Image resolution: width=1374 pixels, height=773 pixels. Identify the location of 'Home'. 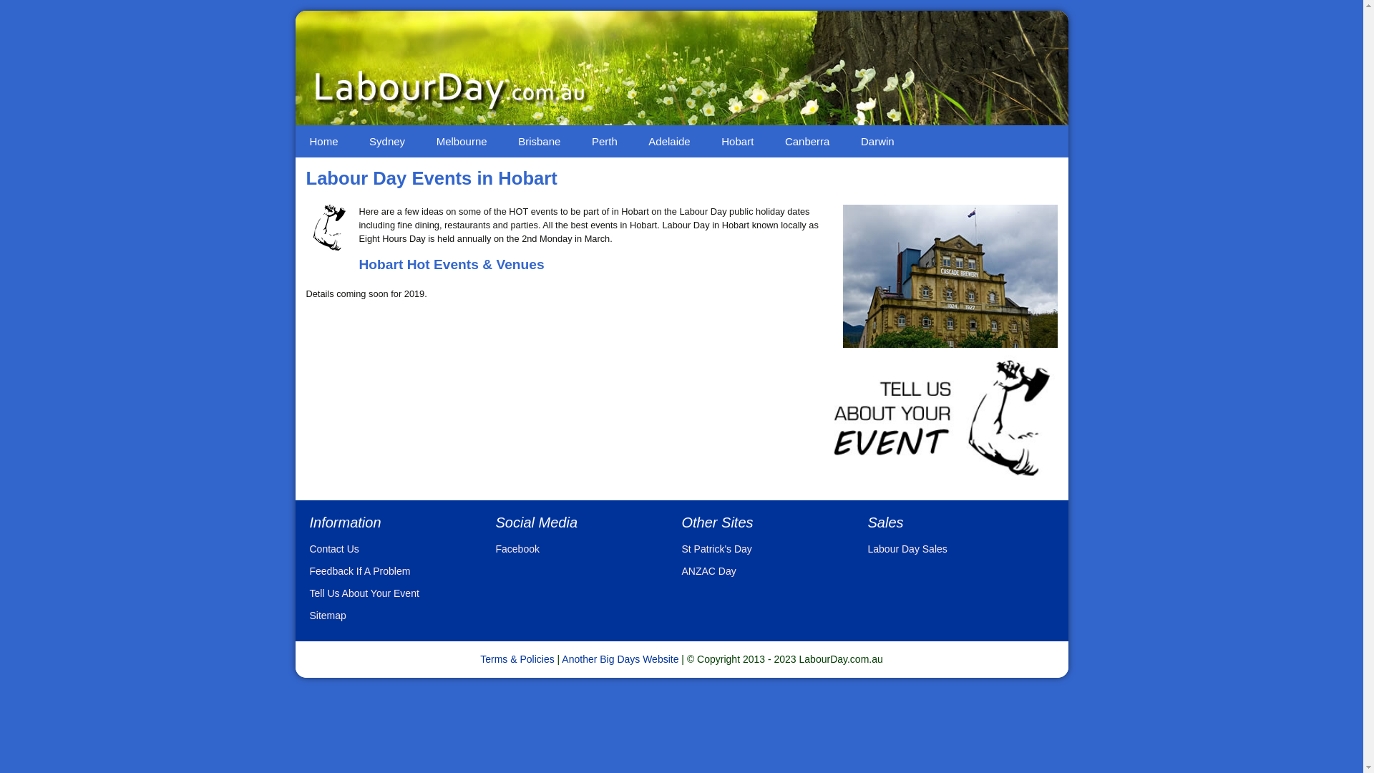
(322, 141).